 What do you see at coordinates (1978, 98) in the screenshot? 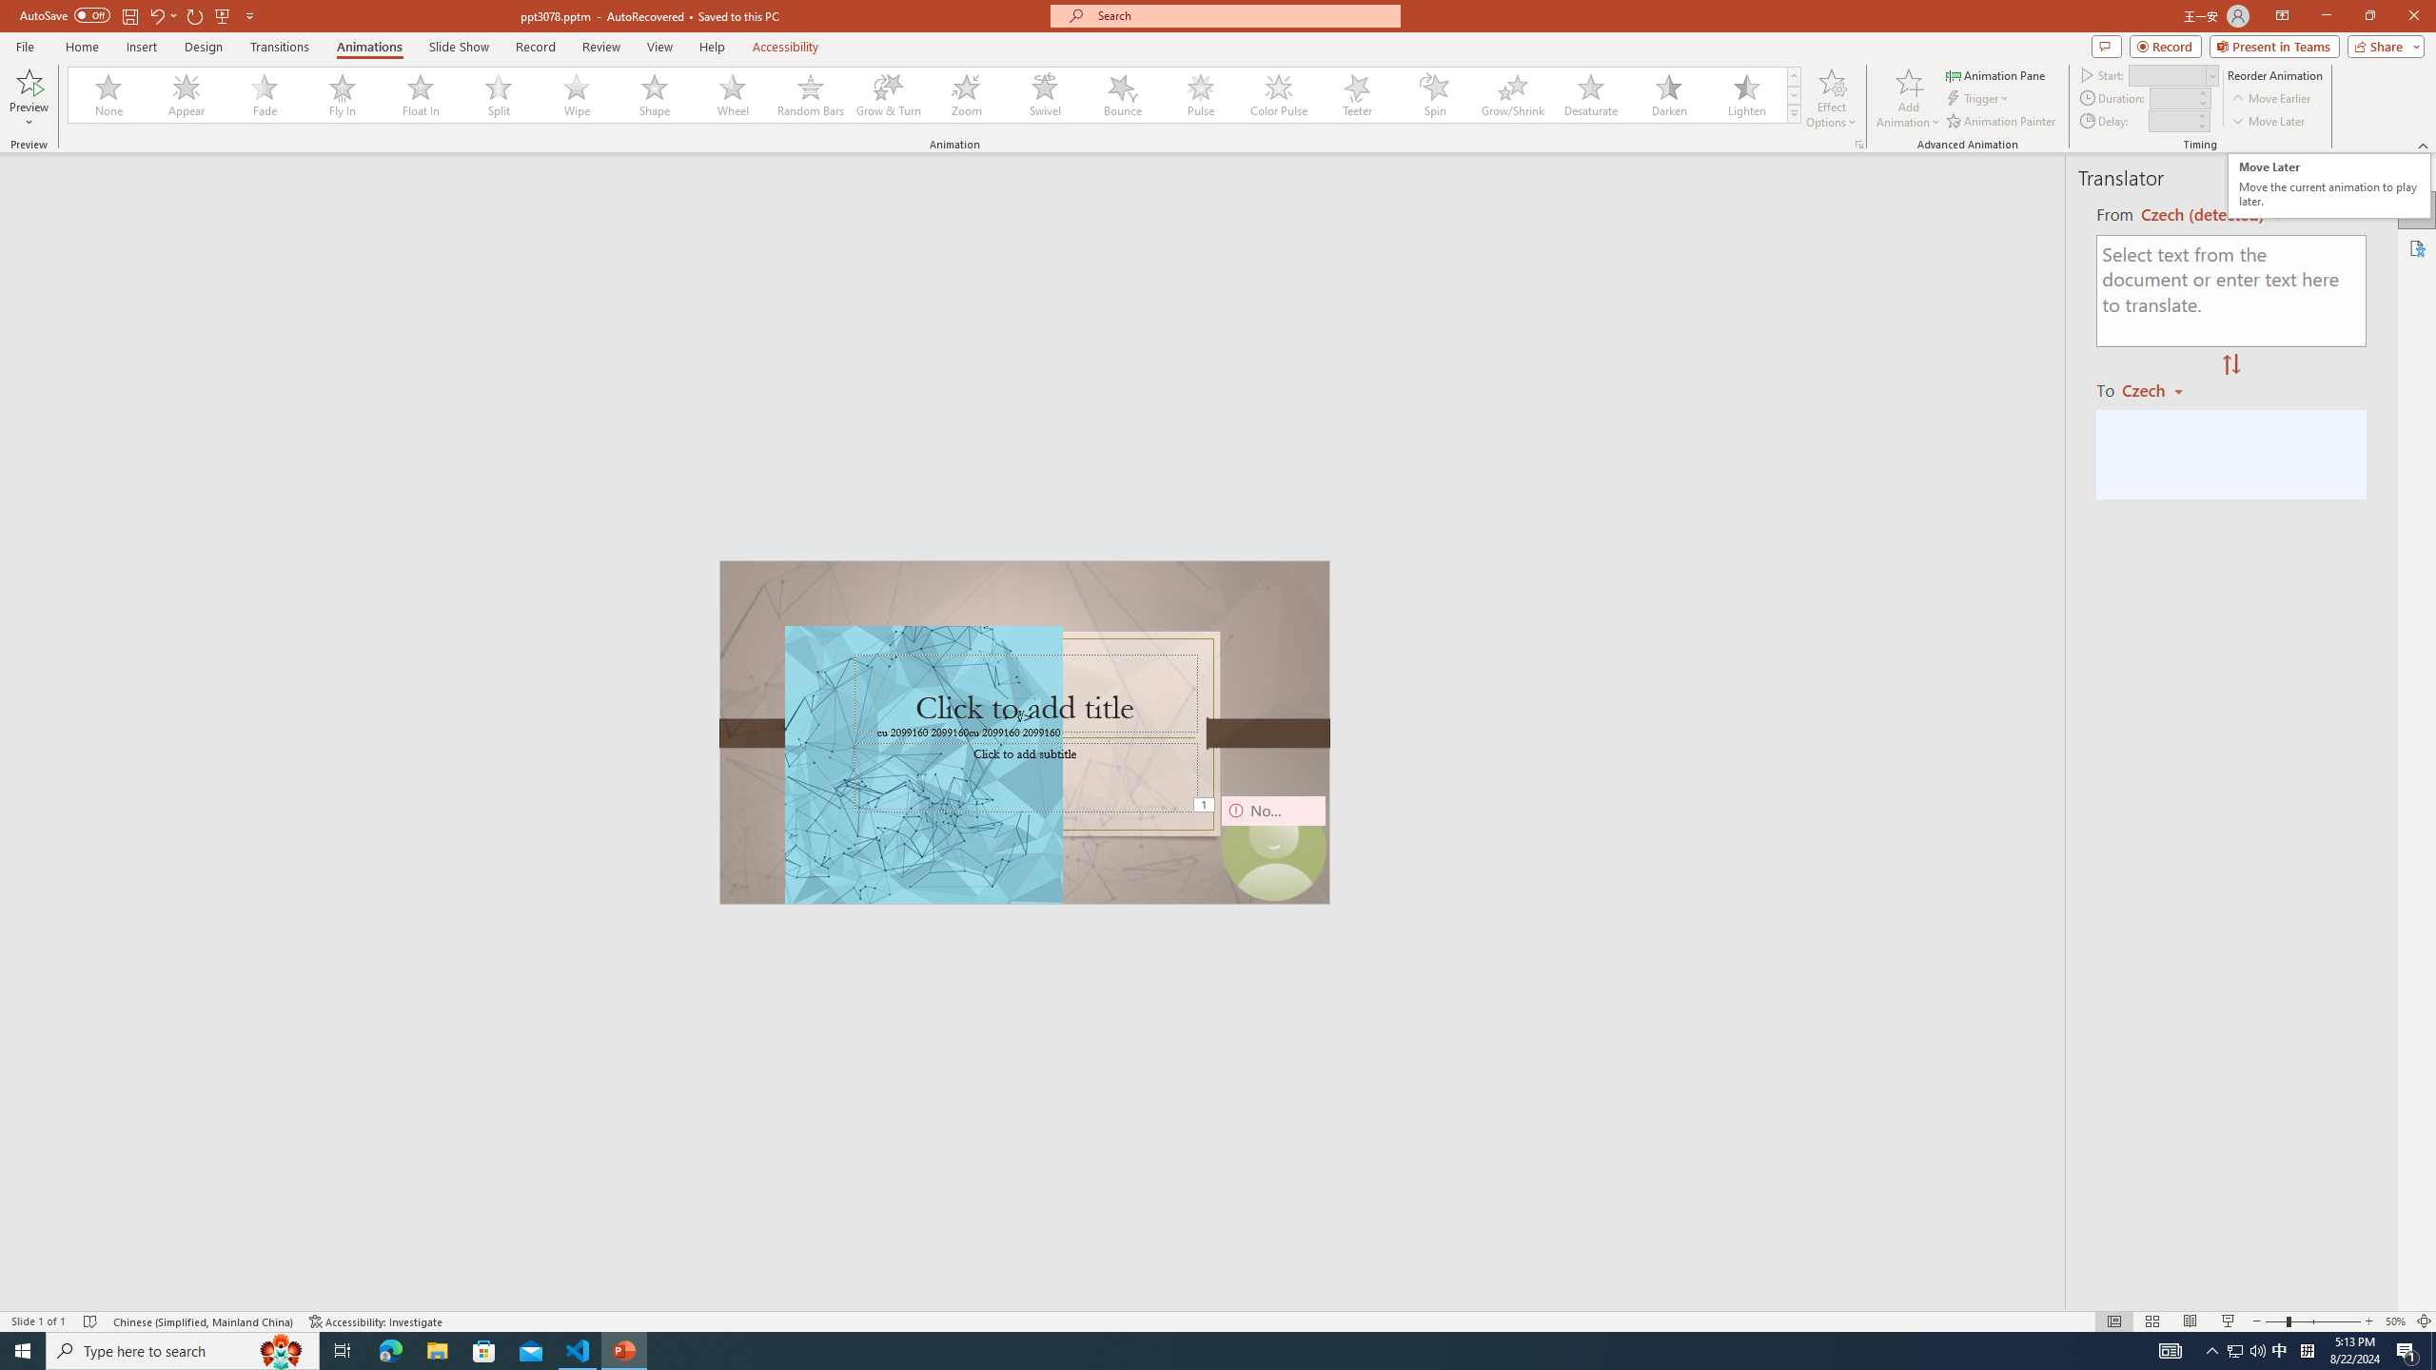
I see `'Trigger'` at bounding box center [1978, 98].